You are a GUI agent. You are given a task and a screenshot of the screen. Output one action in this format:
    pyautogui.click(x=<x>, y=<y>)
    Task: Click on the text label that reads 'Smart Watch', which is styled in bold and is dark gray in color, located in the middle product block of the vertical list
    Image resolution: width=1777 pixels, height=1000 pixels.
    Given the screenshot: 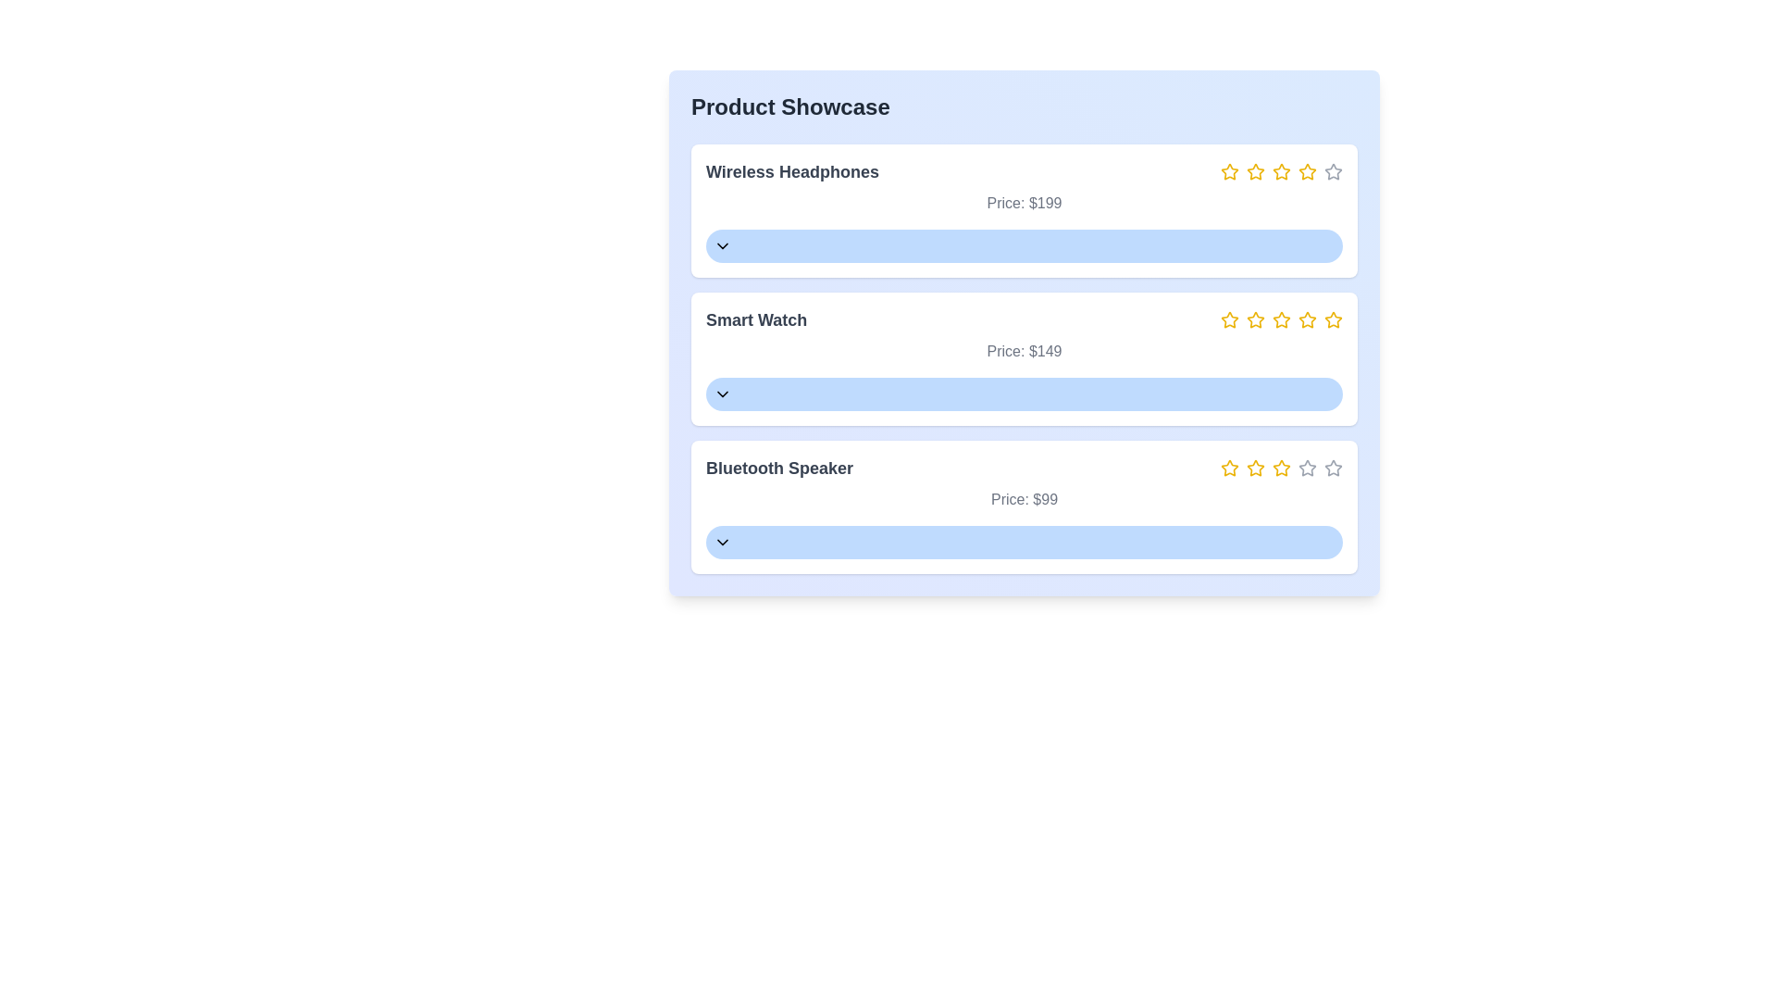 What is the action you would take?
    pyautogui.click(x=756, y=319)
    